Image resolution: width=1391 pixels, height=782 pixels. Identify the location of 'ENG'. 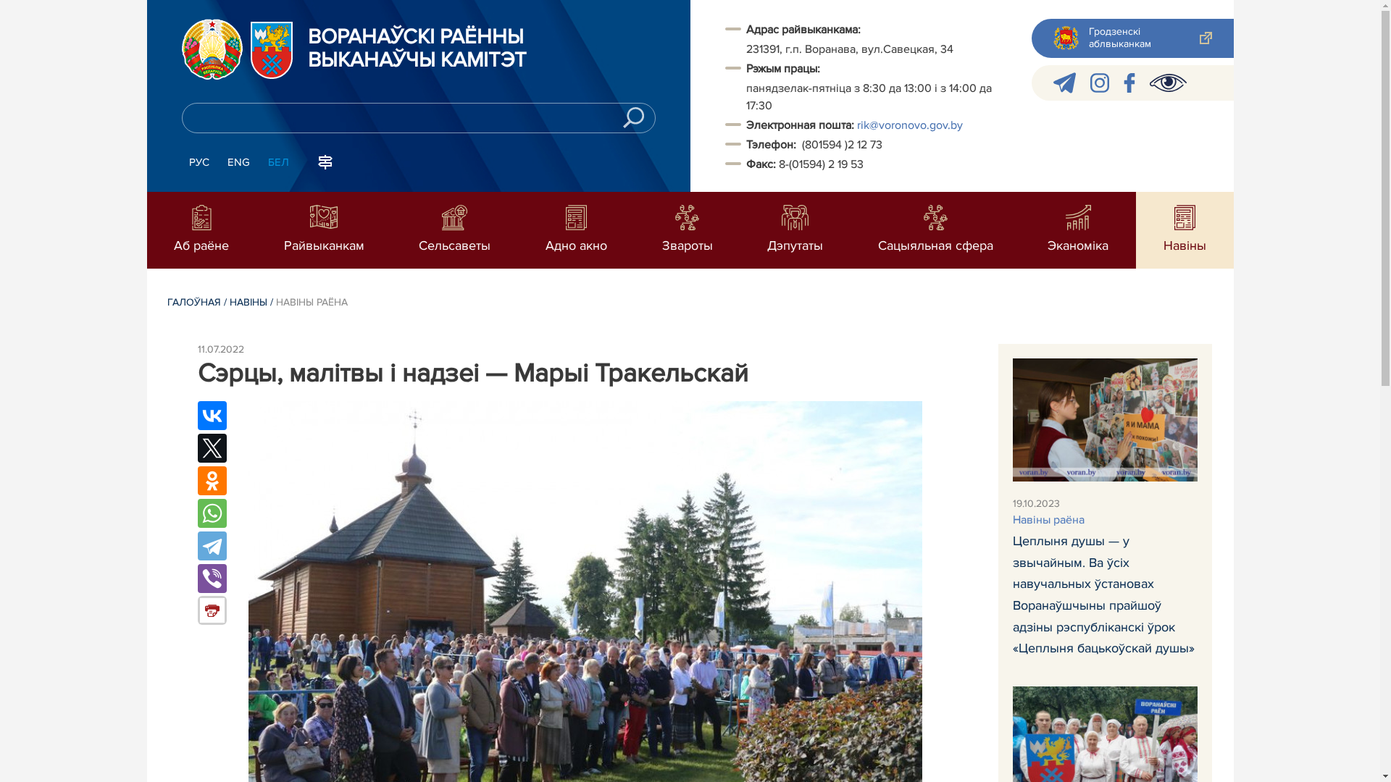
(238, 162).